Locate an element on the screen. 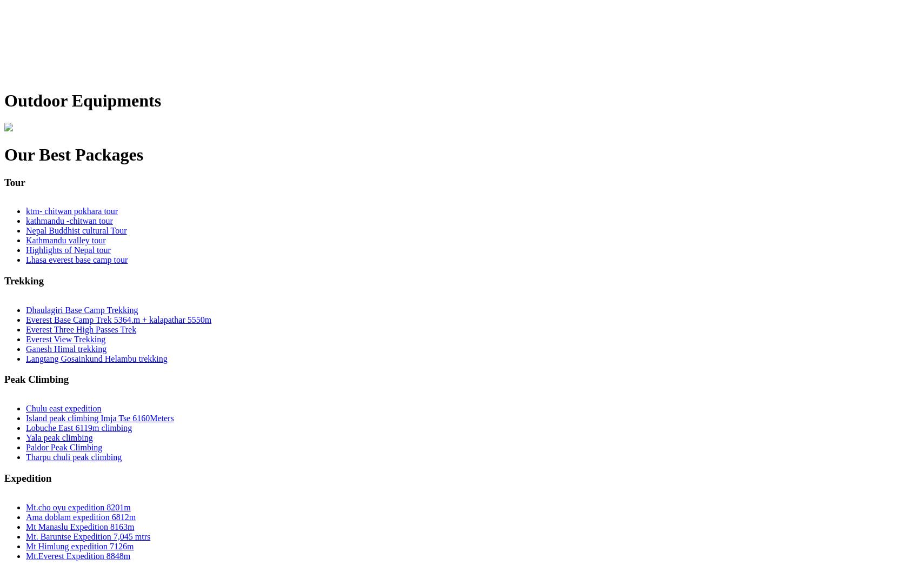  'Lobuche East 6119m                    climbing' is located at coordinates (25, 428).